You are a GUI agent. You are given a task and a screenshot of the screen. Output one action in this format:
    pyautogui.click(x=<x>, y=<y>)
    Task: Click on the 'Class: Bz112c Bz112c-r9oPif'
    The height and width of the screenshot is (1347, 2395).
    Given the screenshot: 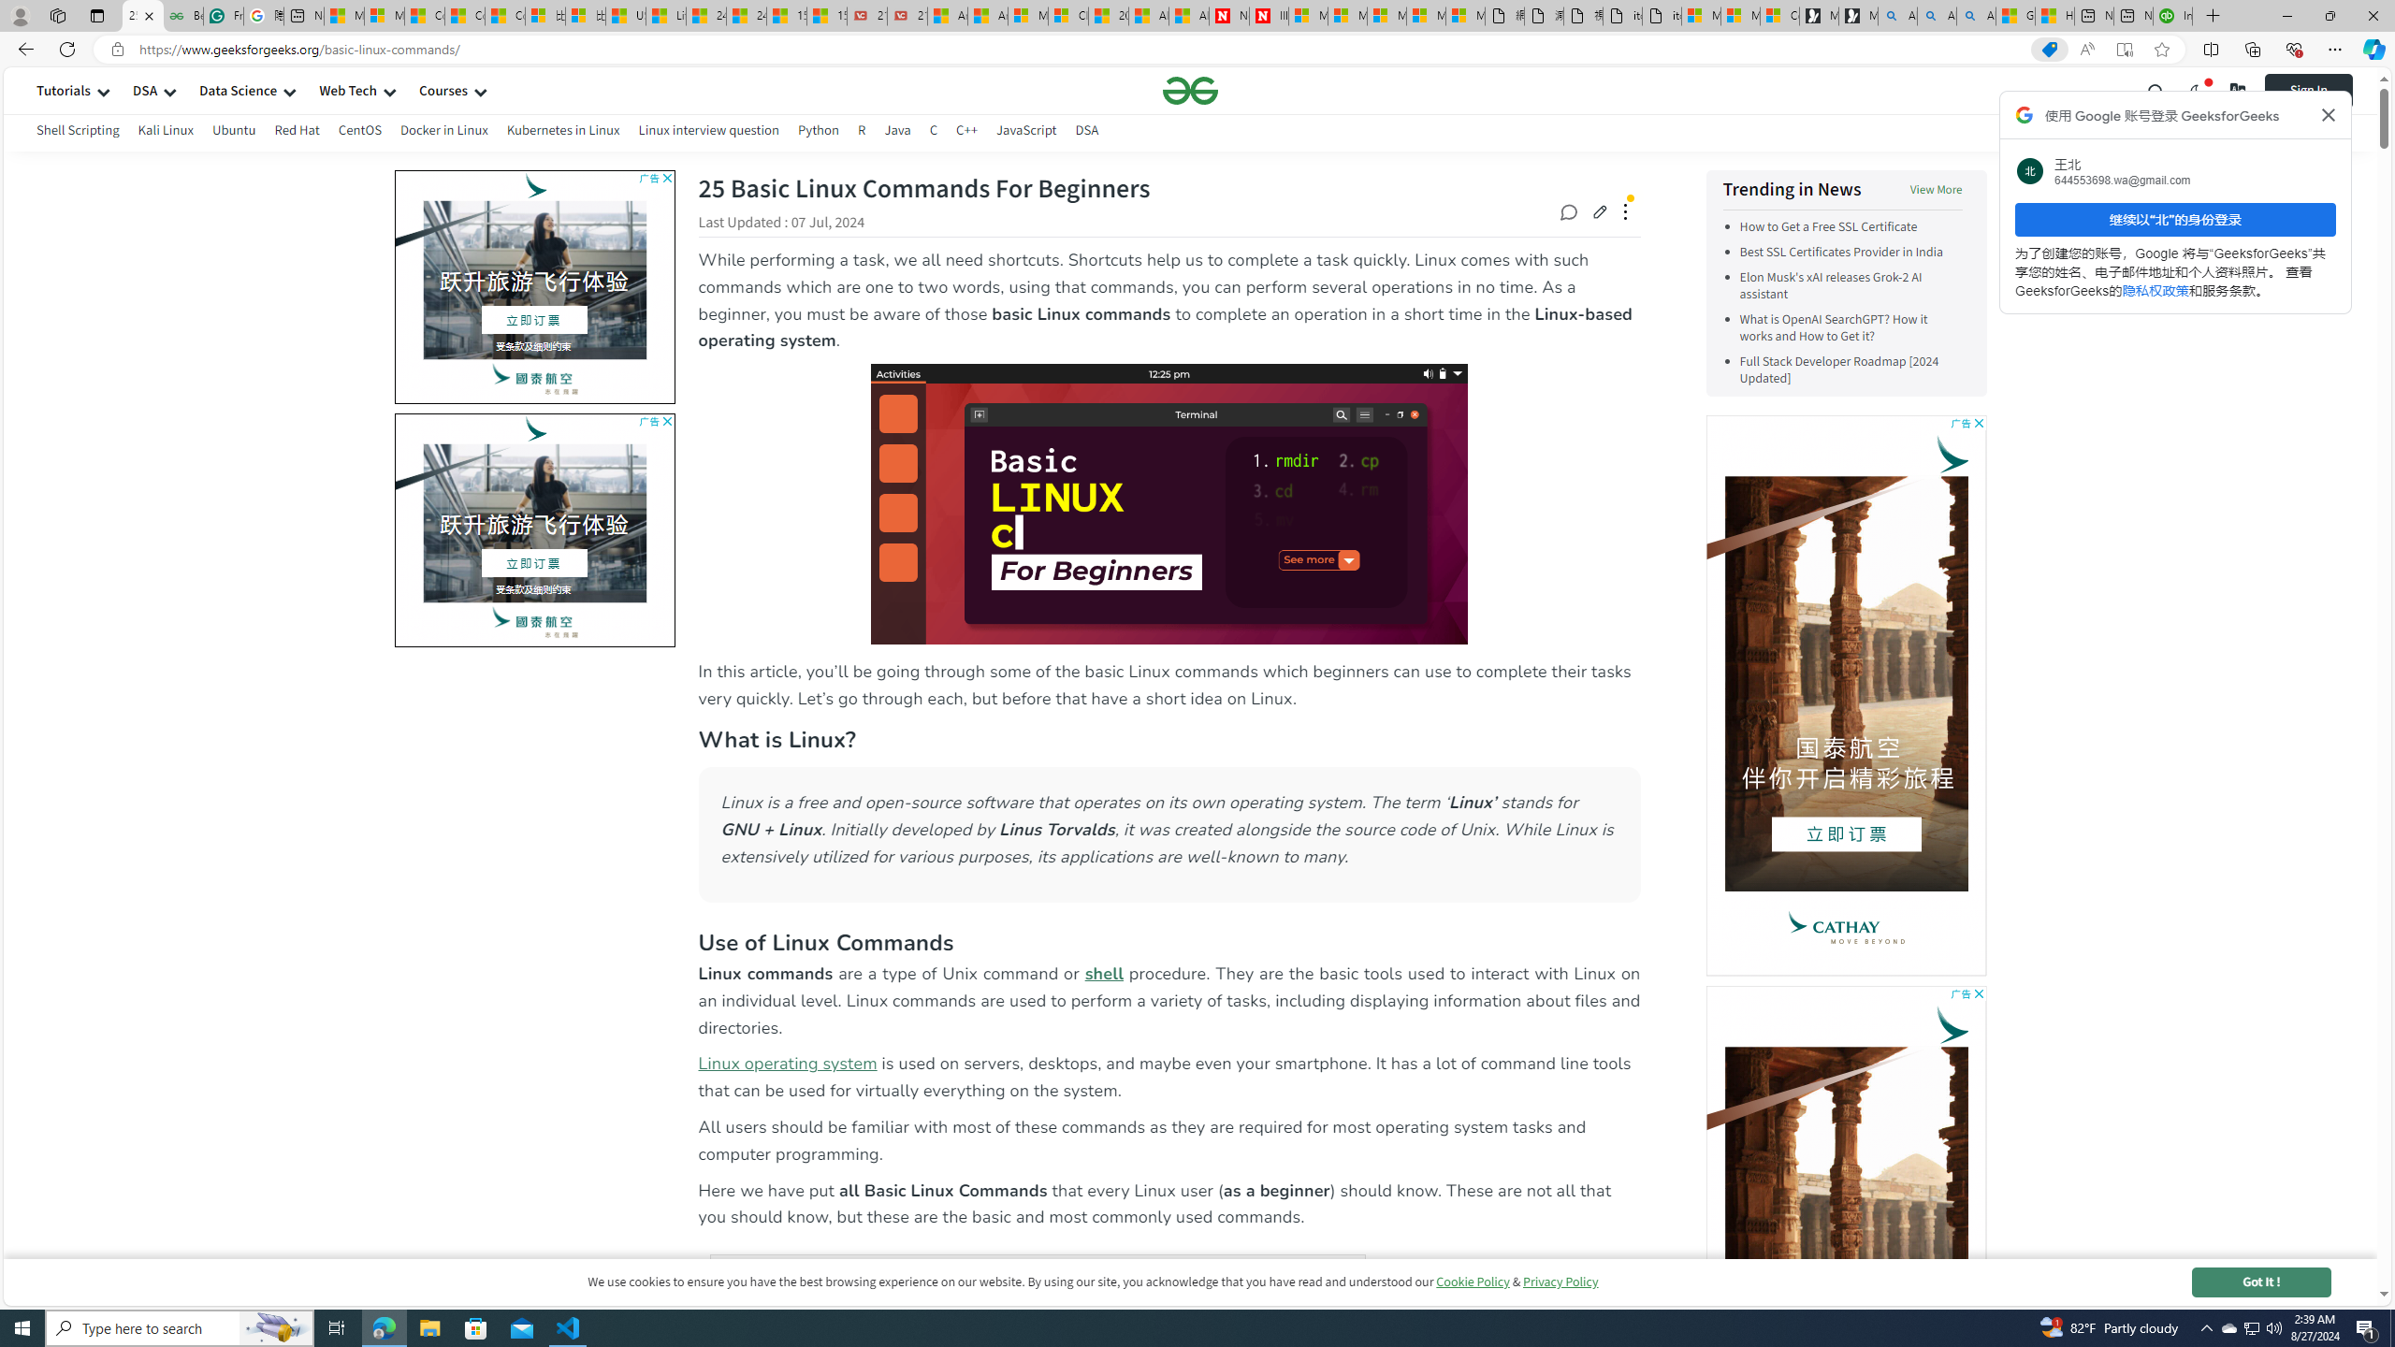 What is the action you would take?
    pyautogui.click(x=2328, y=114)
    